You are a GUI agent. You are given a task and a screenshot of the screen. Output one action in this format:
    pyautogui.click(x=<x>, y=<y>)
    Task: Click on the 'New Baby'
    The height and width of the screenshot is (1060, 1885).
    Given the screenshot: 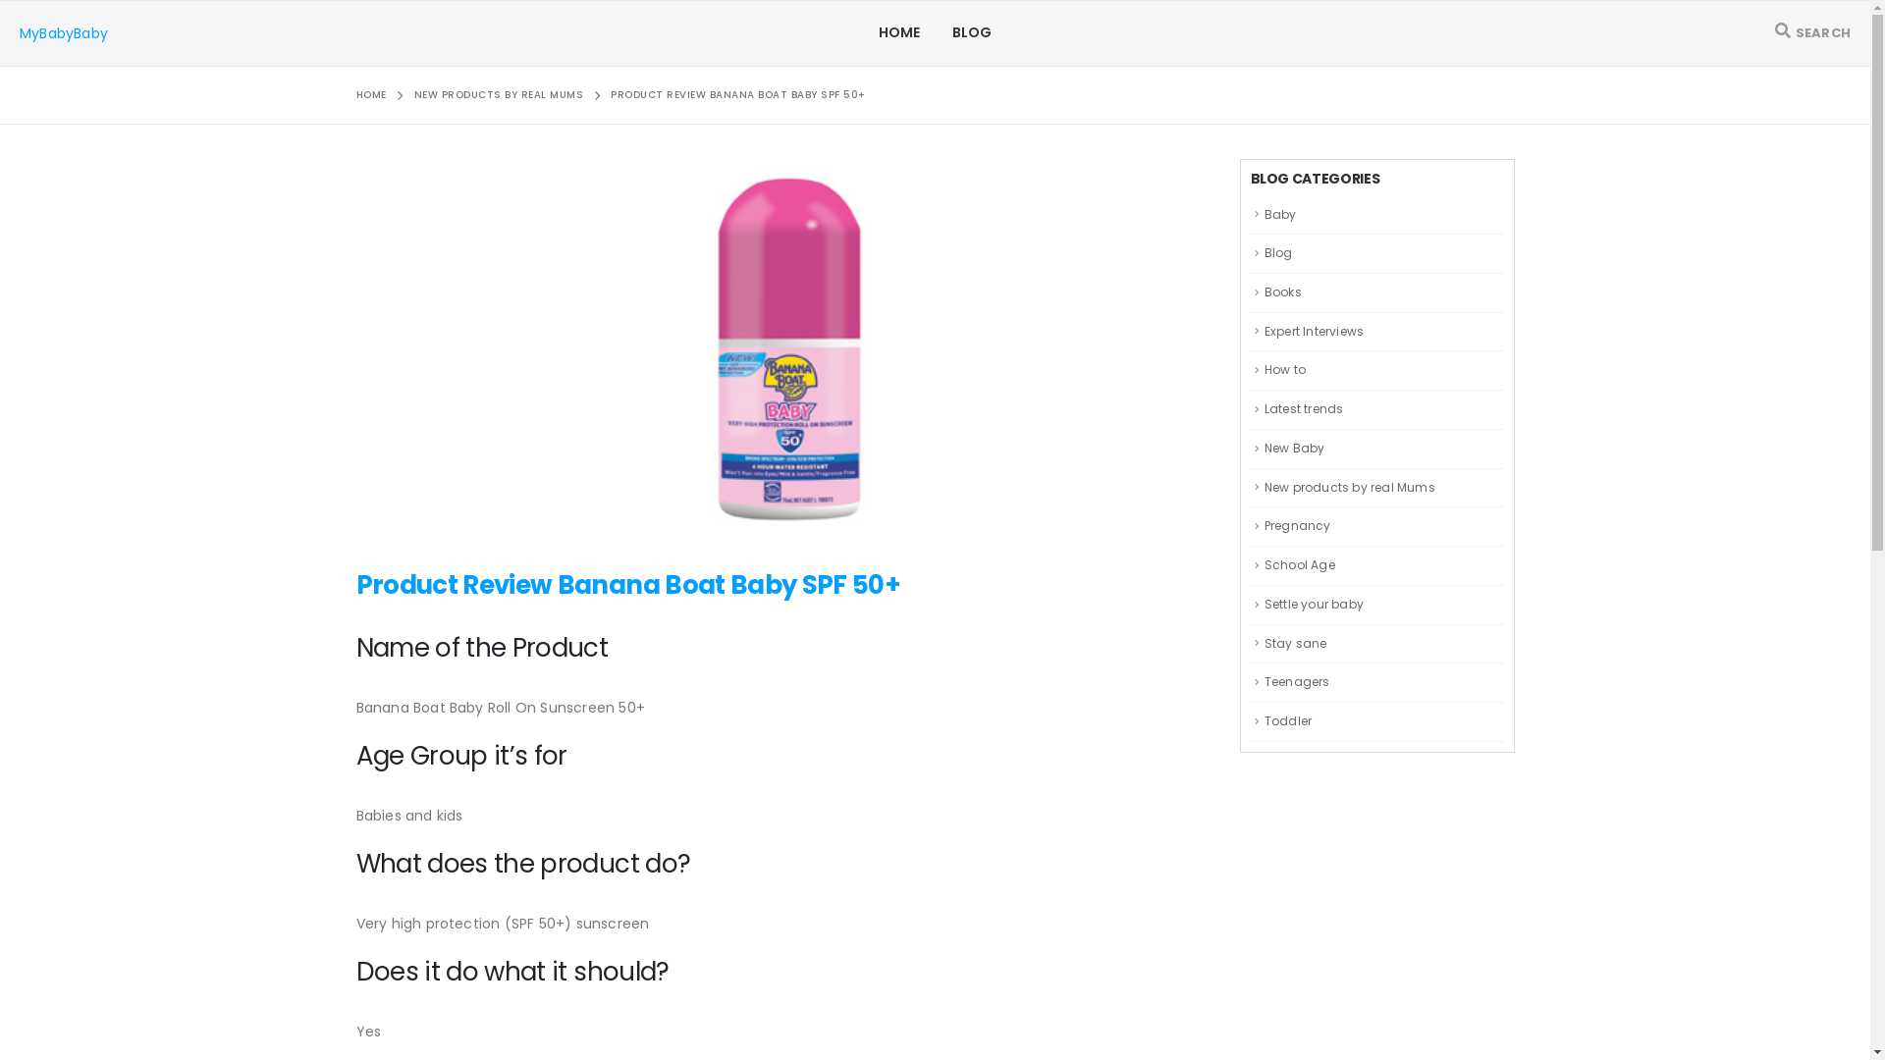 What is the action you would take?
    pyautogui.click(x=1295, y=448)
    